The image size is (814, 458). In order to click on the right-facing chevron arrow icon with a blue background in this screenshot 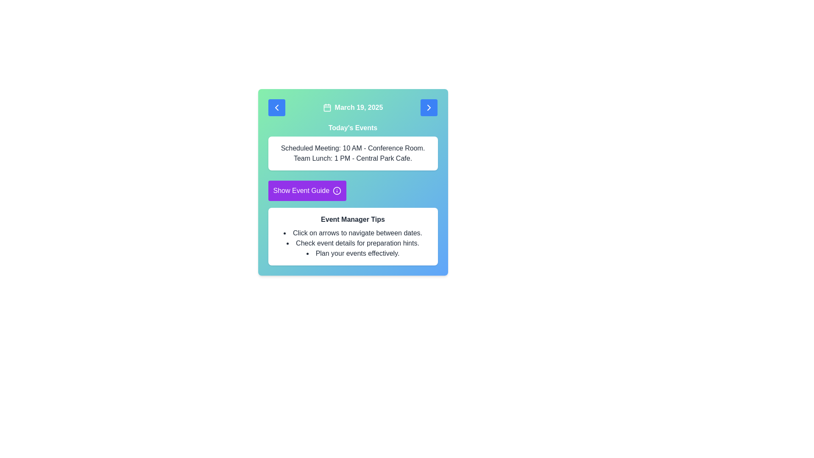, I will do `click(429, 107)`.